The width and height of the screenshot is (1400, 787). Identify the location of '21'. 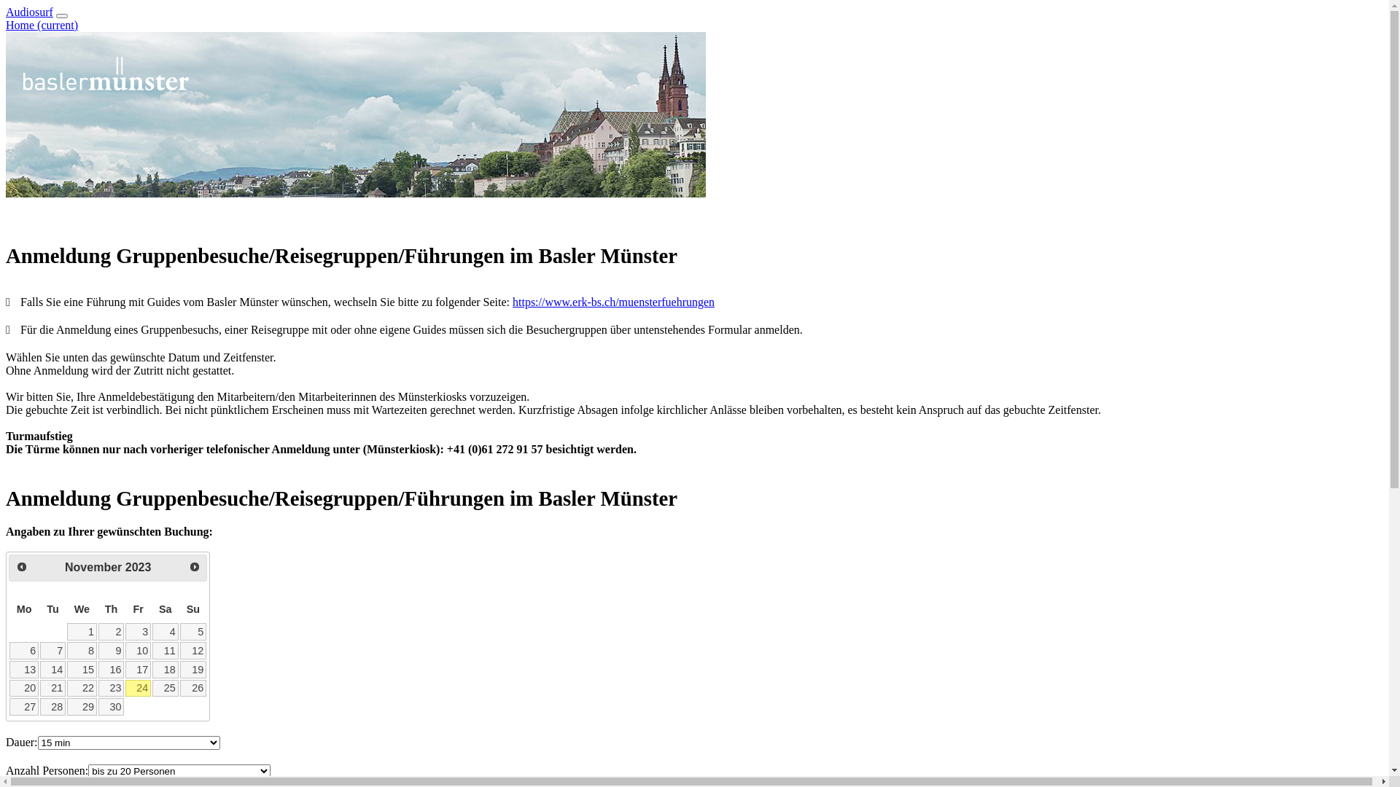
(52, 689).